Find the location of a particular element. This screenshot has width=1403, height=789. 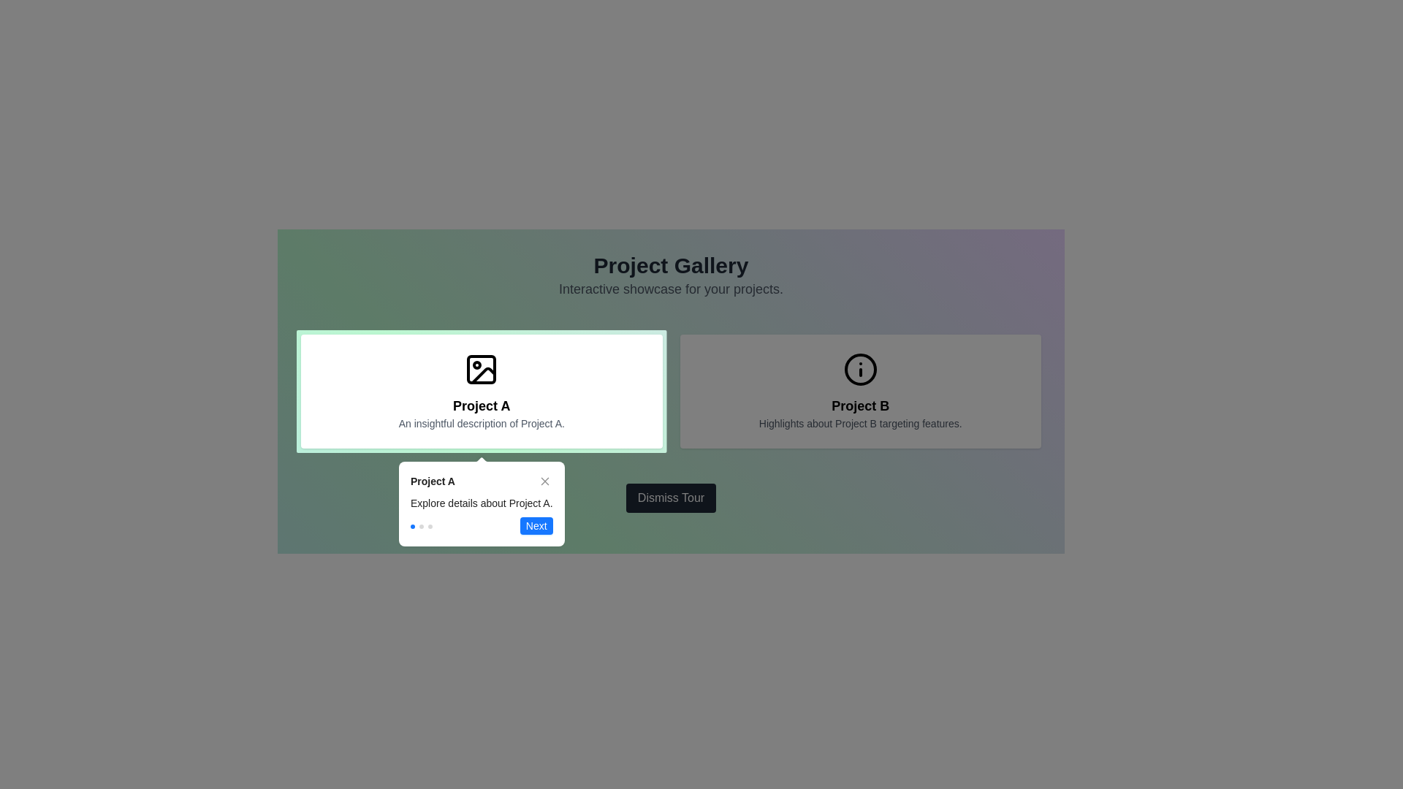

the text label that serves as the title for the associated card, which is centrally positioned below an icon and above a descriptive text in the rightmost card of the interface is located at coordinates (860, 405).